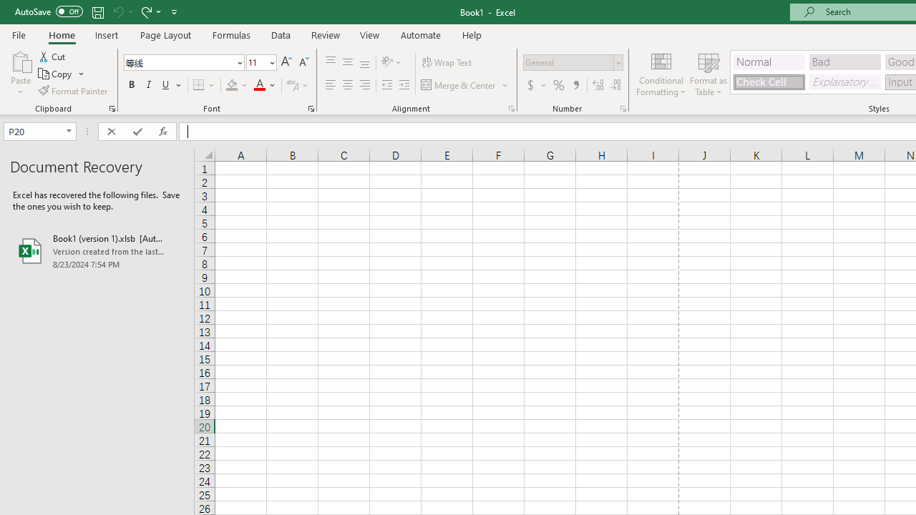 The height and width of the screenshot is (515, 916). I want to click on 'Customize Quick Access Toolbar', so click(174, 11).